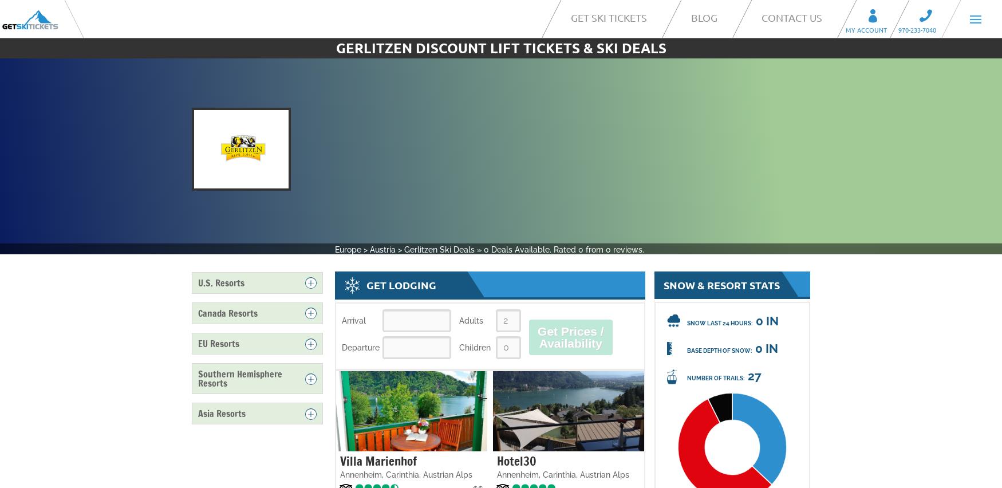 This screenshot has height=488, width=1002. I want to click on 'Snow & Resort Stats', so click(721, 284).